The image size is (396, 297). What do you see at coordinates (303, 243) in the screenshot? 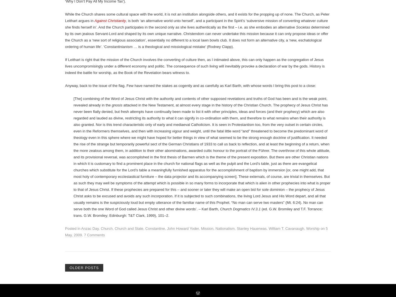
I see `'Societas'` at bounding box center [303, 243].